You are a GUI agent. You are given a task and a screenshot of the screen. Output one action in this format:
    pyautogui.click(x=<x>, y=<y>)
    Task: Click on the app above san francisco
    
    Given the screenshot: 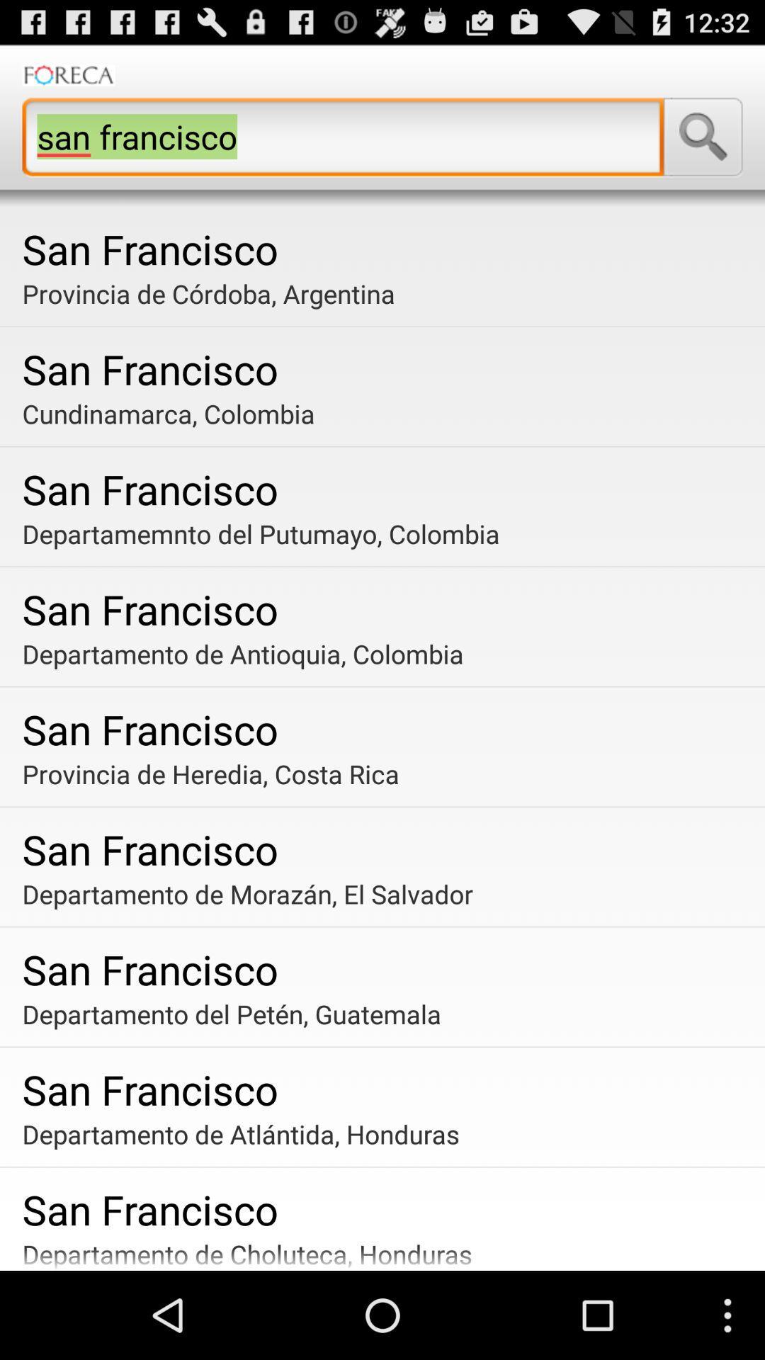 What is the action you would take?
    pyautogui.click(x=703, y=137)
    